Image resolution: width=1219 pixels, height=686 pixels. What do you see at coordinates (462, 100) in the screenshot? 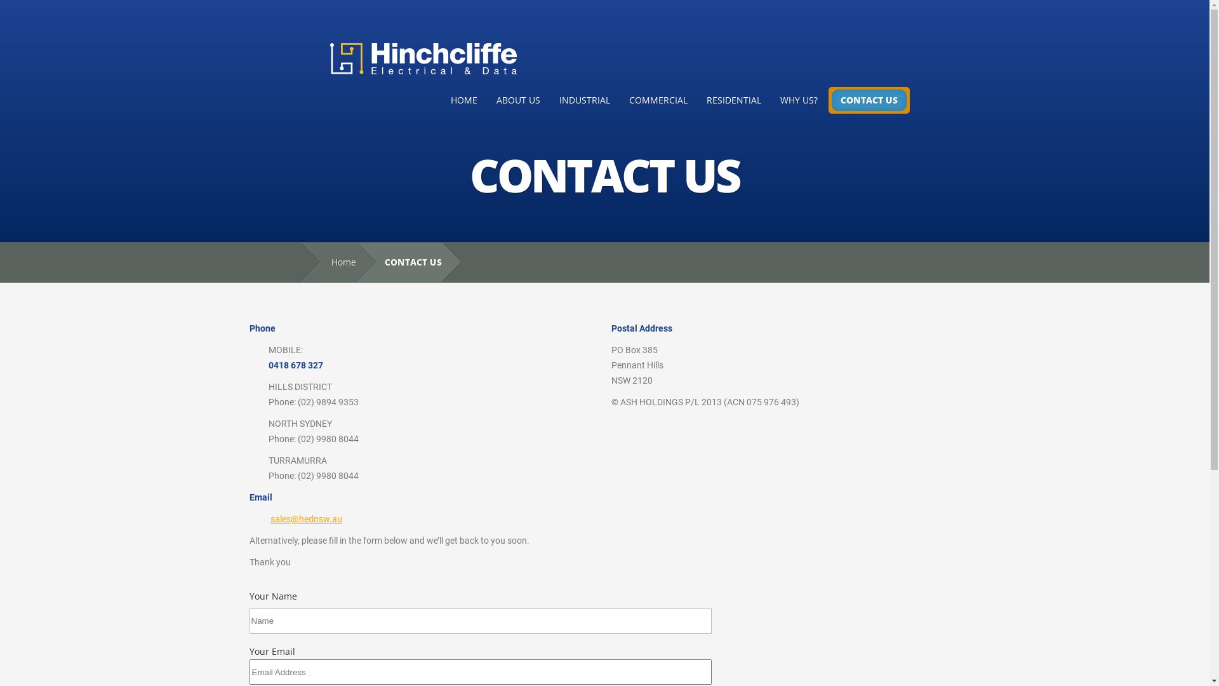
I see `'HOME'` at bounding box center [462, 100].